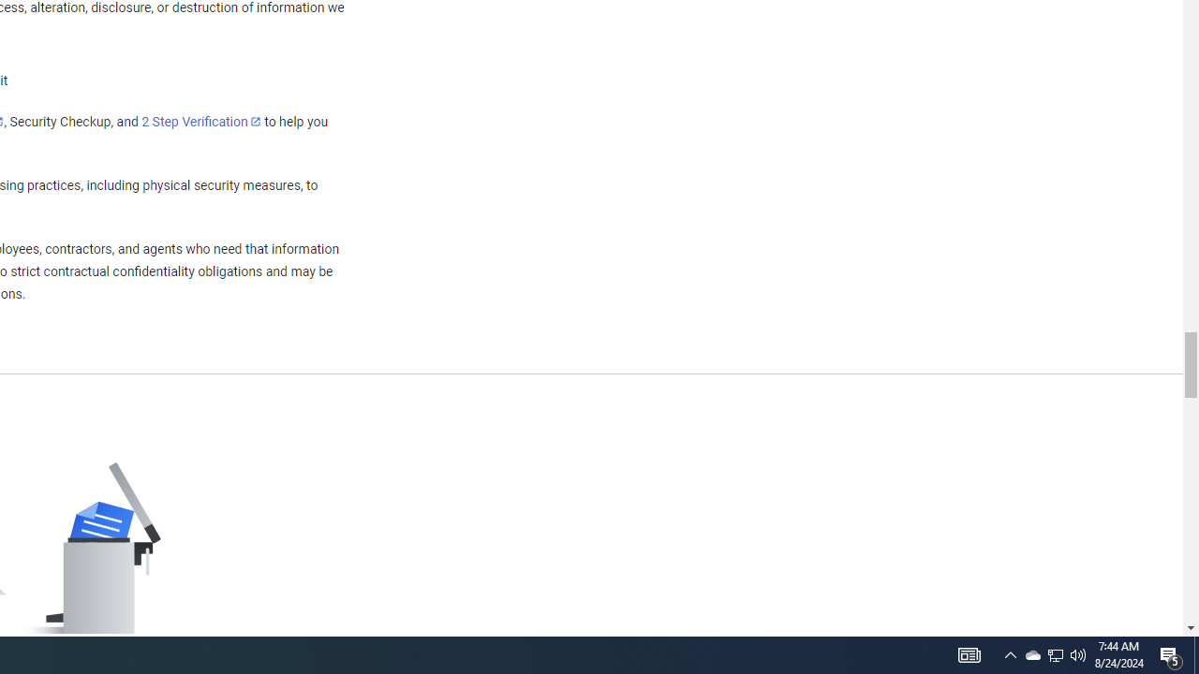 This screenshot has width=1199, height=674. Describe the element at coordinates (201, 121) in the screenshot. I see `'2 Step Verification'` at that location.